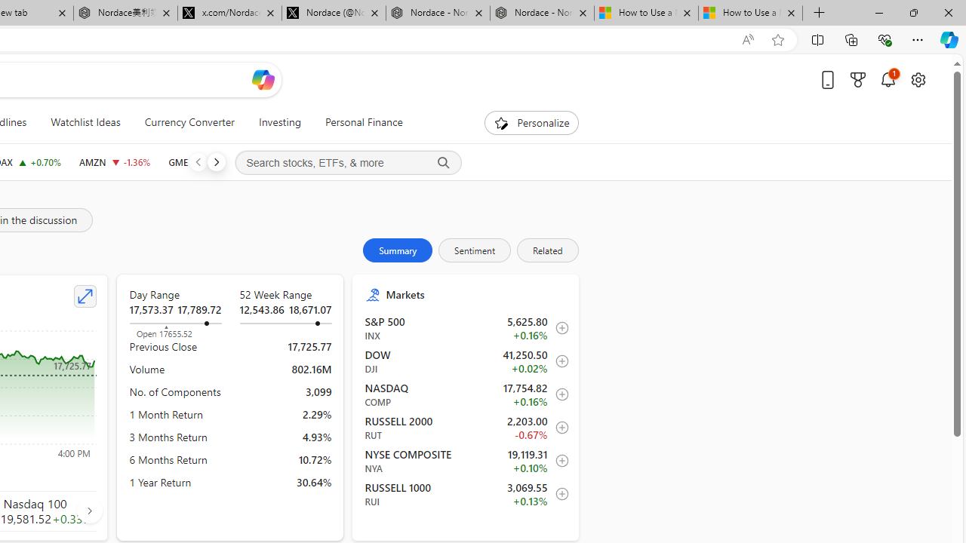 The image size is (966, 543). I want to click on 'Currency Converter', so click(188, 122).